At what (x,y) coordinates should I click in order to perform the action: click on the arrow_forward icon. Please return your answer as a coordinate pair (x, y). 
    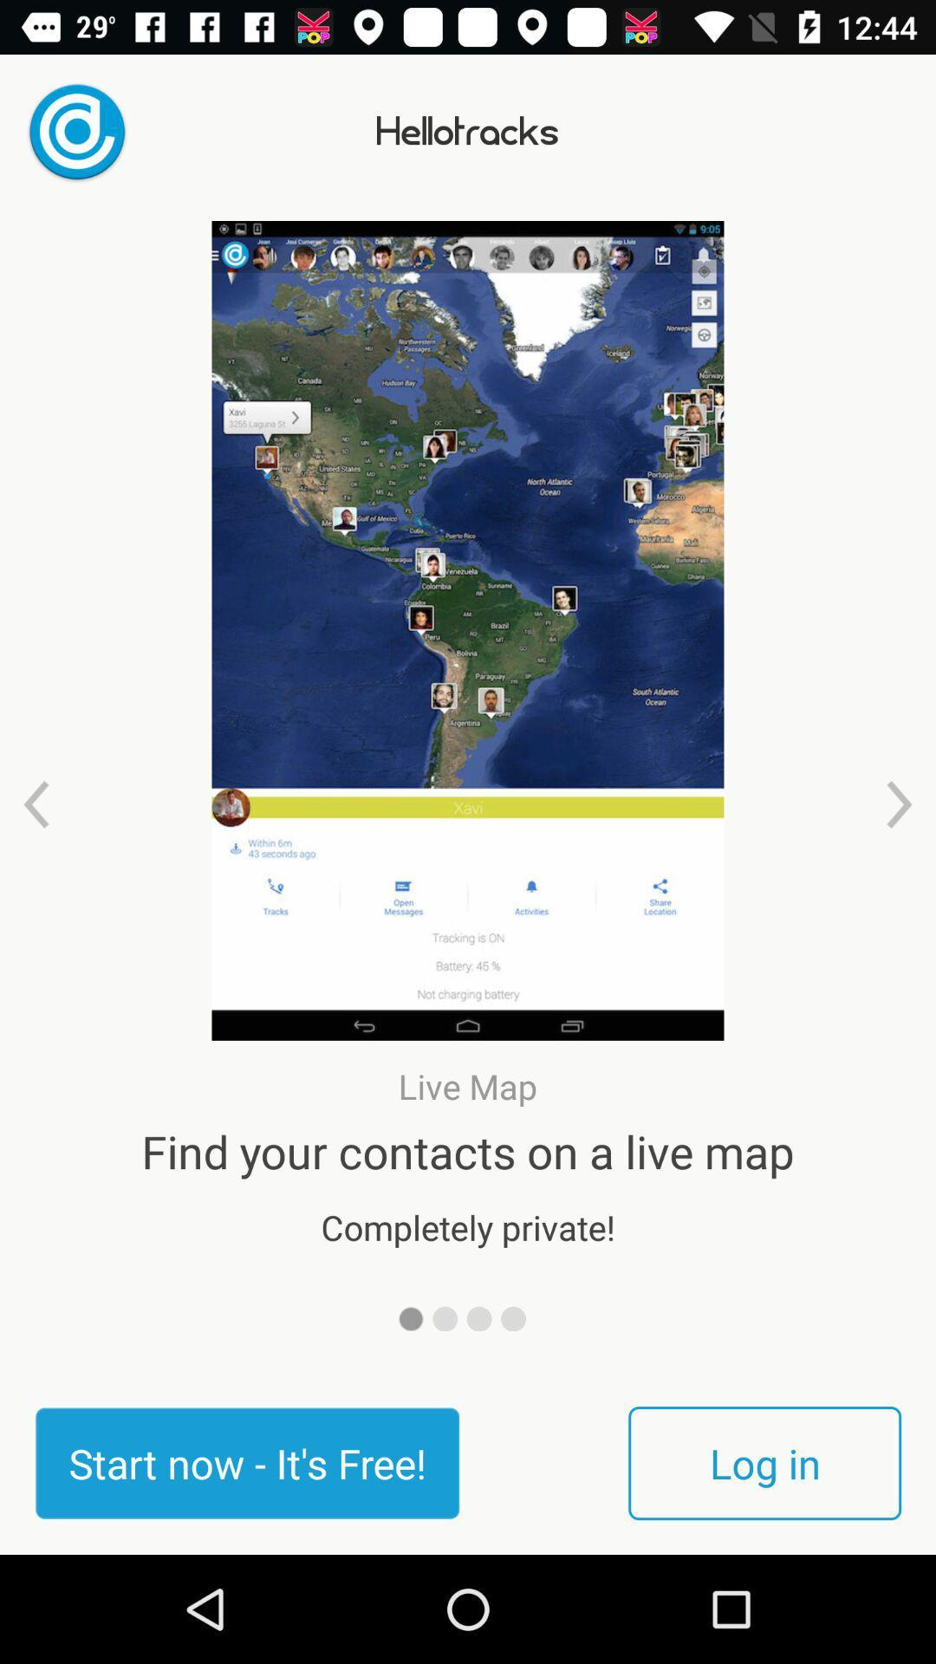
    Looking at the image, I should click on (898, 803).